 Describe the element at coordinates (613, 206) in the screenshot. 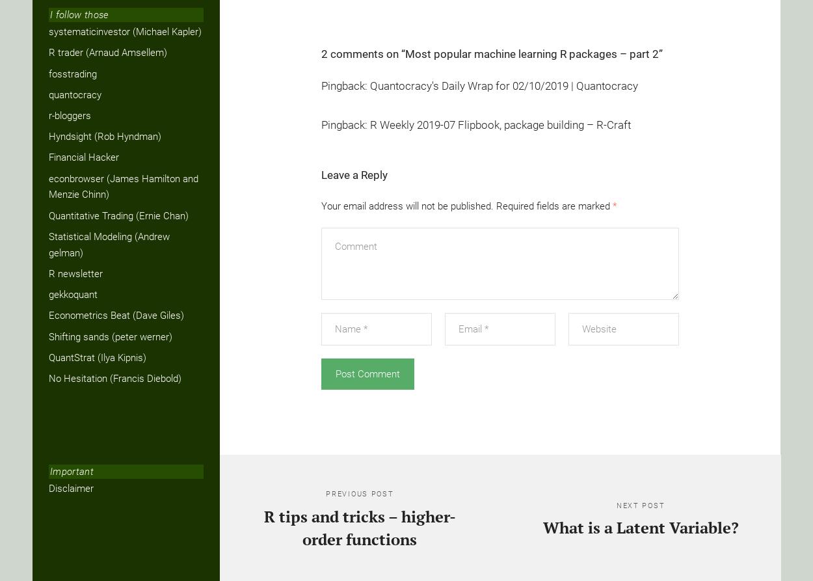

I see `'*'` at that location.